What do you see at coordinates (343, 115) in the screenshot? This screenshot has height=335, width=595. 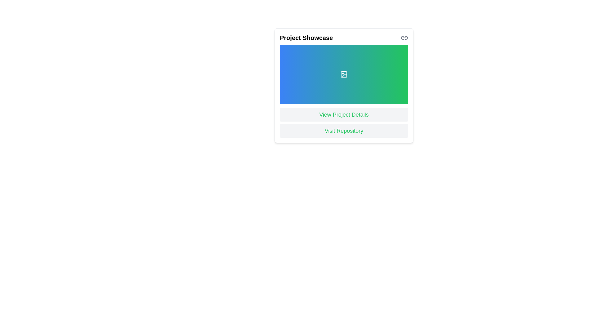 I see `the 'View Project Details' button, which is a rectangular, rounded button with green text on a light gray background, located under the heading 'Project Showcase.'` at bounding box center [343, 115].